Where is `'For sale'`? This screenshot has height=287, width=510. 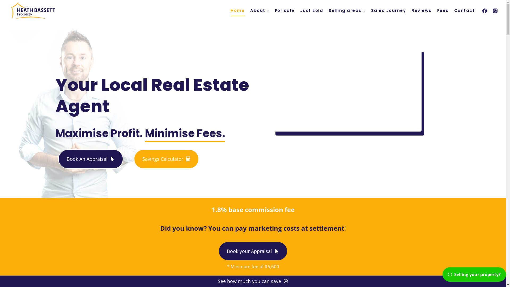
'For sale' is located at coordinates (272, 10).